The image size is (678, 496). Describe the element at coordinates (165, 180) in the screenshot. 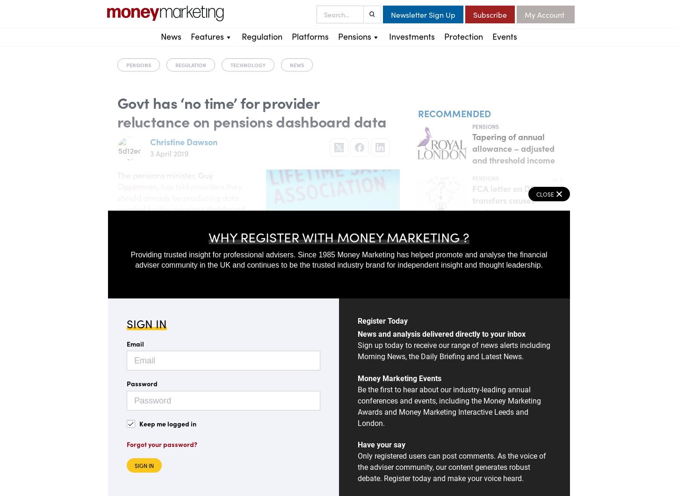

I see `'Guy Opperman'` at that location.